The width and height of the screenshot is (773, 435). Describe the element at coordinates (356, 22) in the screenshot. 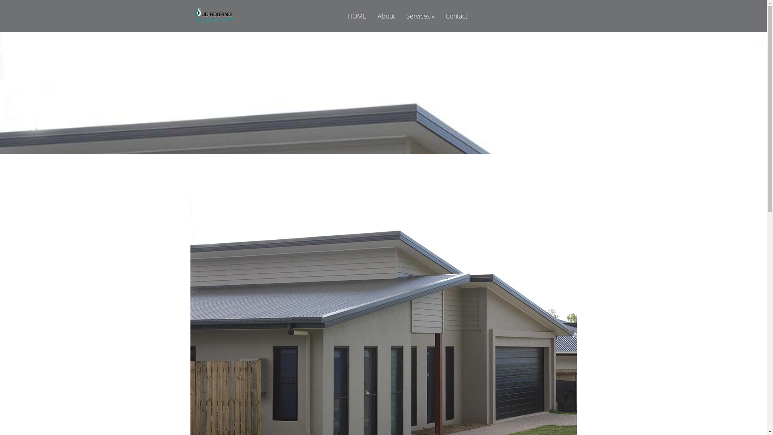

I see `'HOME'` at that location.